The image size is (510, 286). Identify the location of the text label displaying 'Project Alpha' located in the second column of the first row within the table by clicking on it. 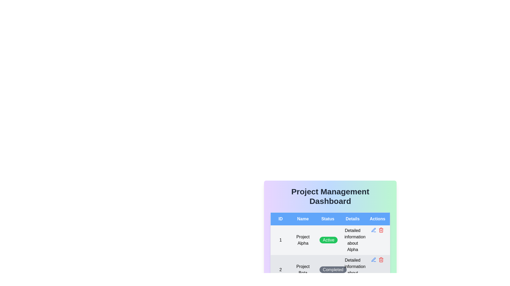
(303, 240).